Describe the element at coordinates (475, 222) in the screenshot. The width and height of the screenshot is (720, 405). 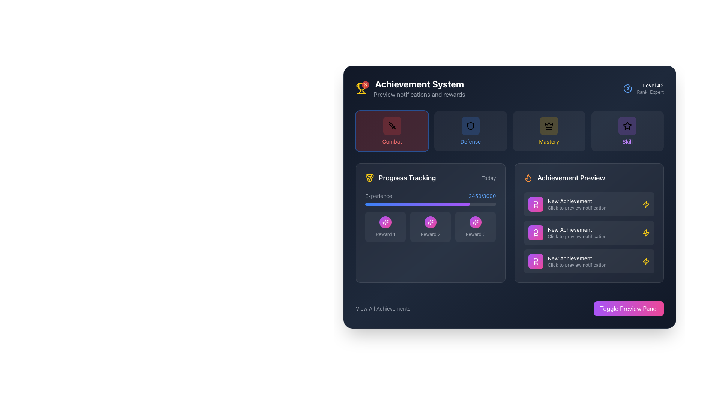
I see `the circular button with a gradient background and a white sparkling star icon located centrally within the 'Reward 3' card in the 'Progress Tracking' panel` at that location.